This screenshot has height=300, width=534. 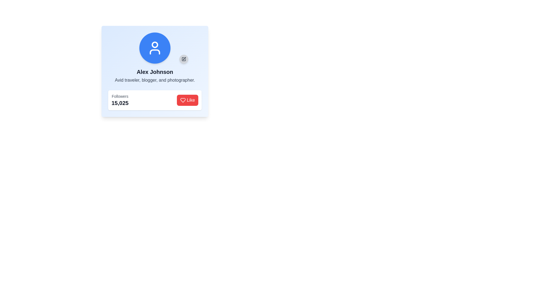 I want to click on the circular gray button with a pen icon located to the right of the blue user profile icon, so click(x=184, y=59).